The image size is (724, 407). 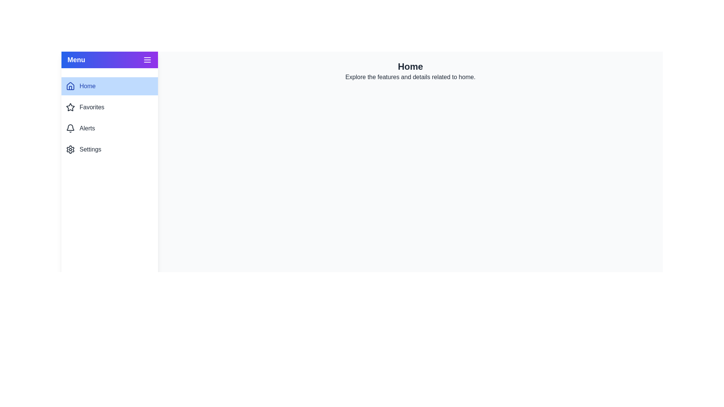 I want to click on the 'Settings' button located as the fourth item in the vertical list of navigation options in the sidebar, situated below 'Alerts', so click(x=109, y=150).